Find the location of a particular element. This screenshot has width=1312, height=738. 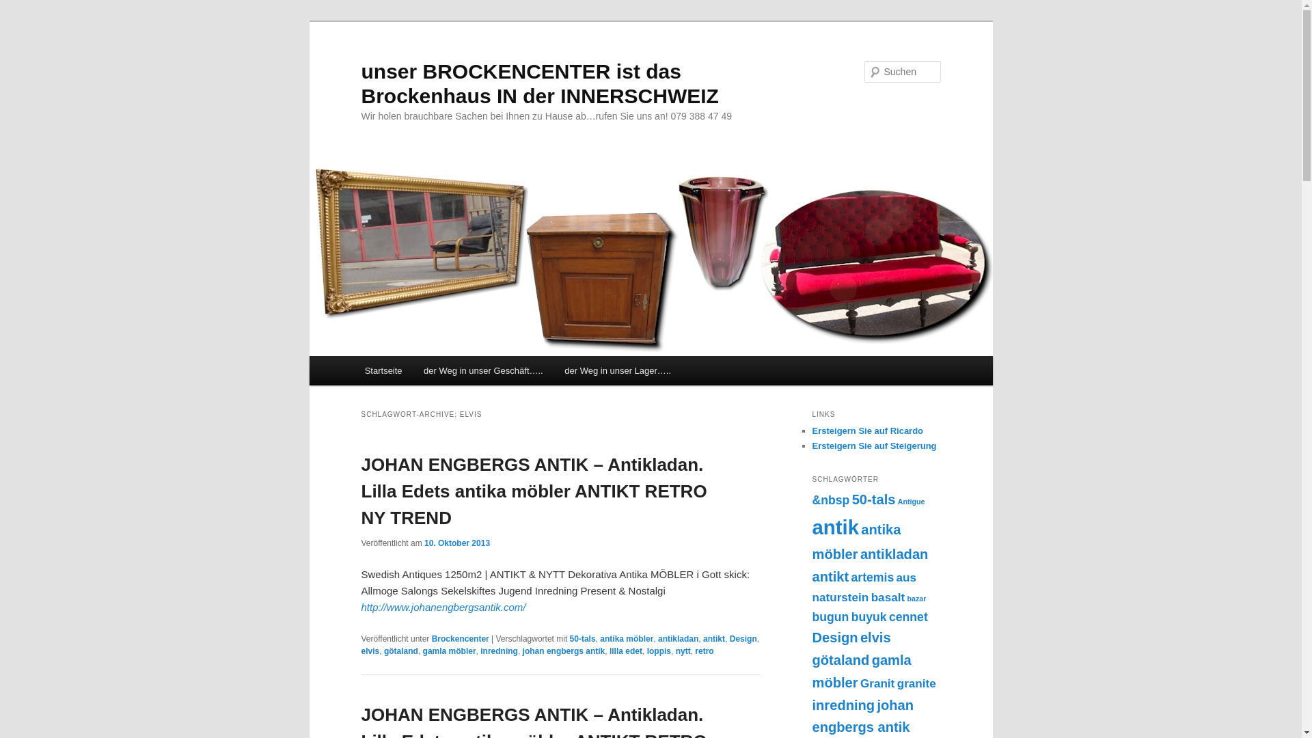

'Suchen' is located at coordinates (23, 8).